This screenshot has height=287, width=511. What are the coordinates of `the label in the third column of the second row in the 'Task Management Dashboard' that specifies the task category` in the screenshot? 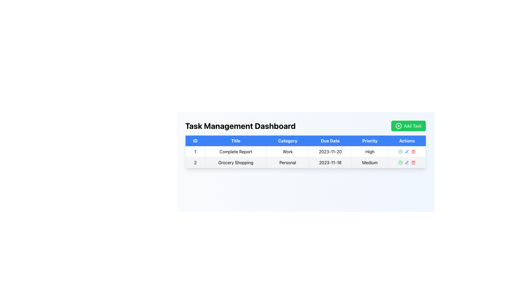 It's located at (287, 162).